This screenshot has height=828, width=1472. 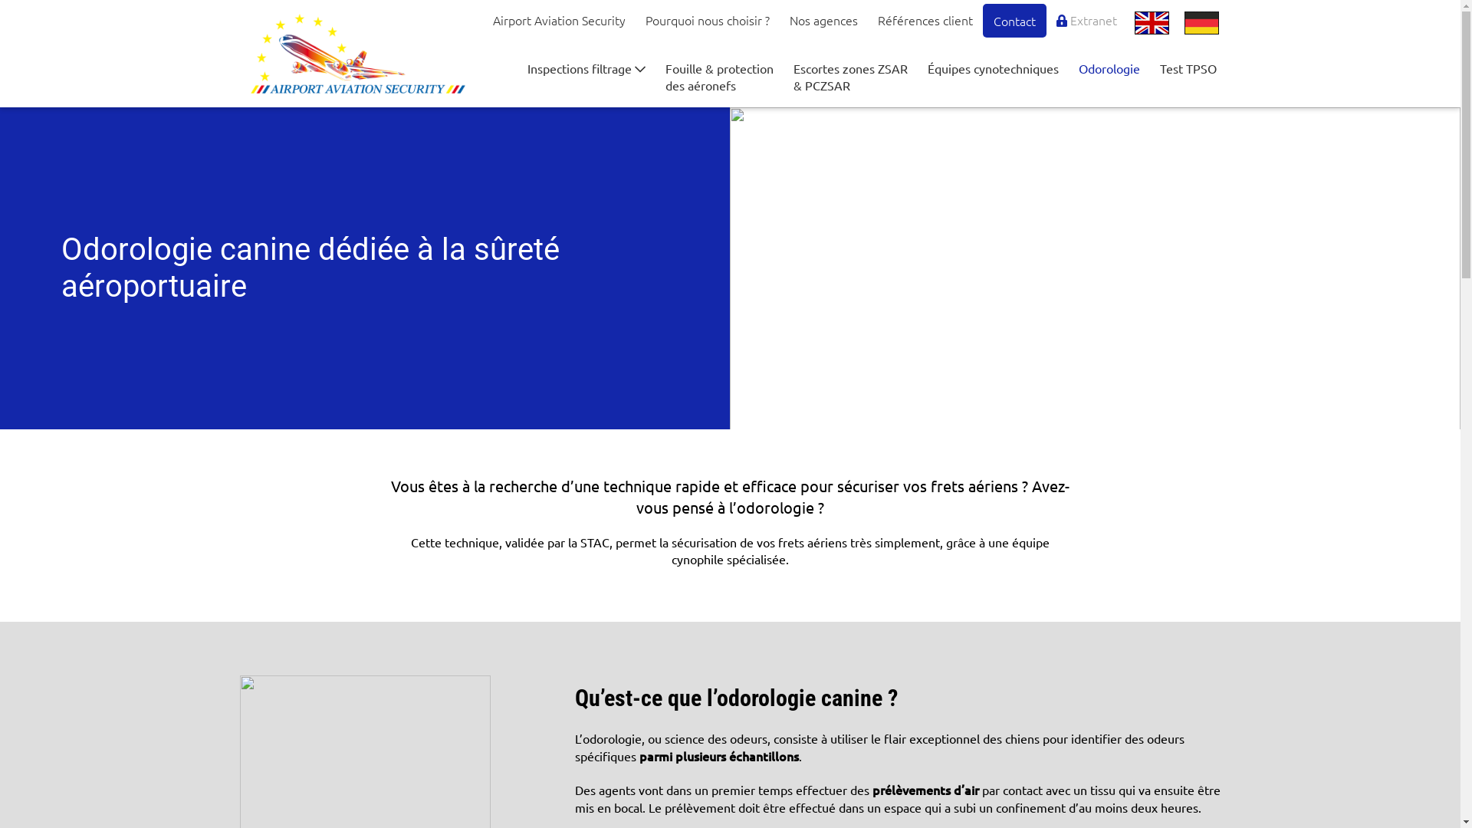 I want to click on 'Pourquoi nous choisir ?', so click(x=706, y=20).